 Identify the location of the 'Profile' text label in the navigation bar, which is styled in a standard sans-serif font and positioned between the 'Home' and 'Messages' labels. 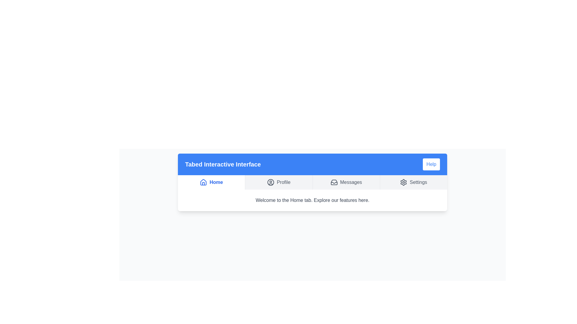
(283, 182).